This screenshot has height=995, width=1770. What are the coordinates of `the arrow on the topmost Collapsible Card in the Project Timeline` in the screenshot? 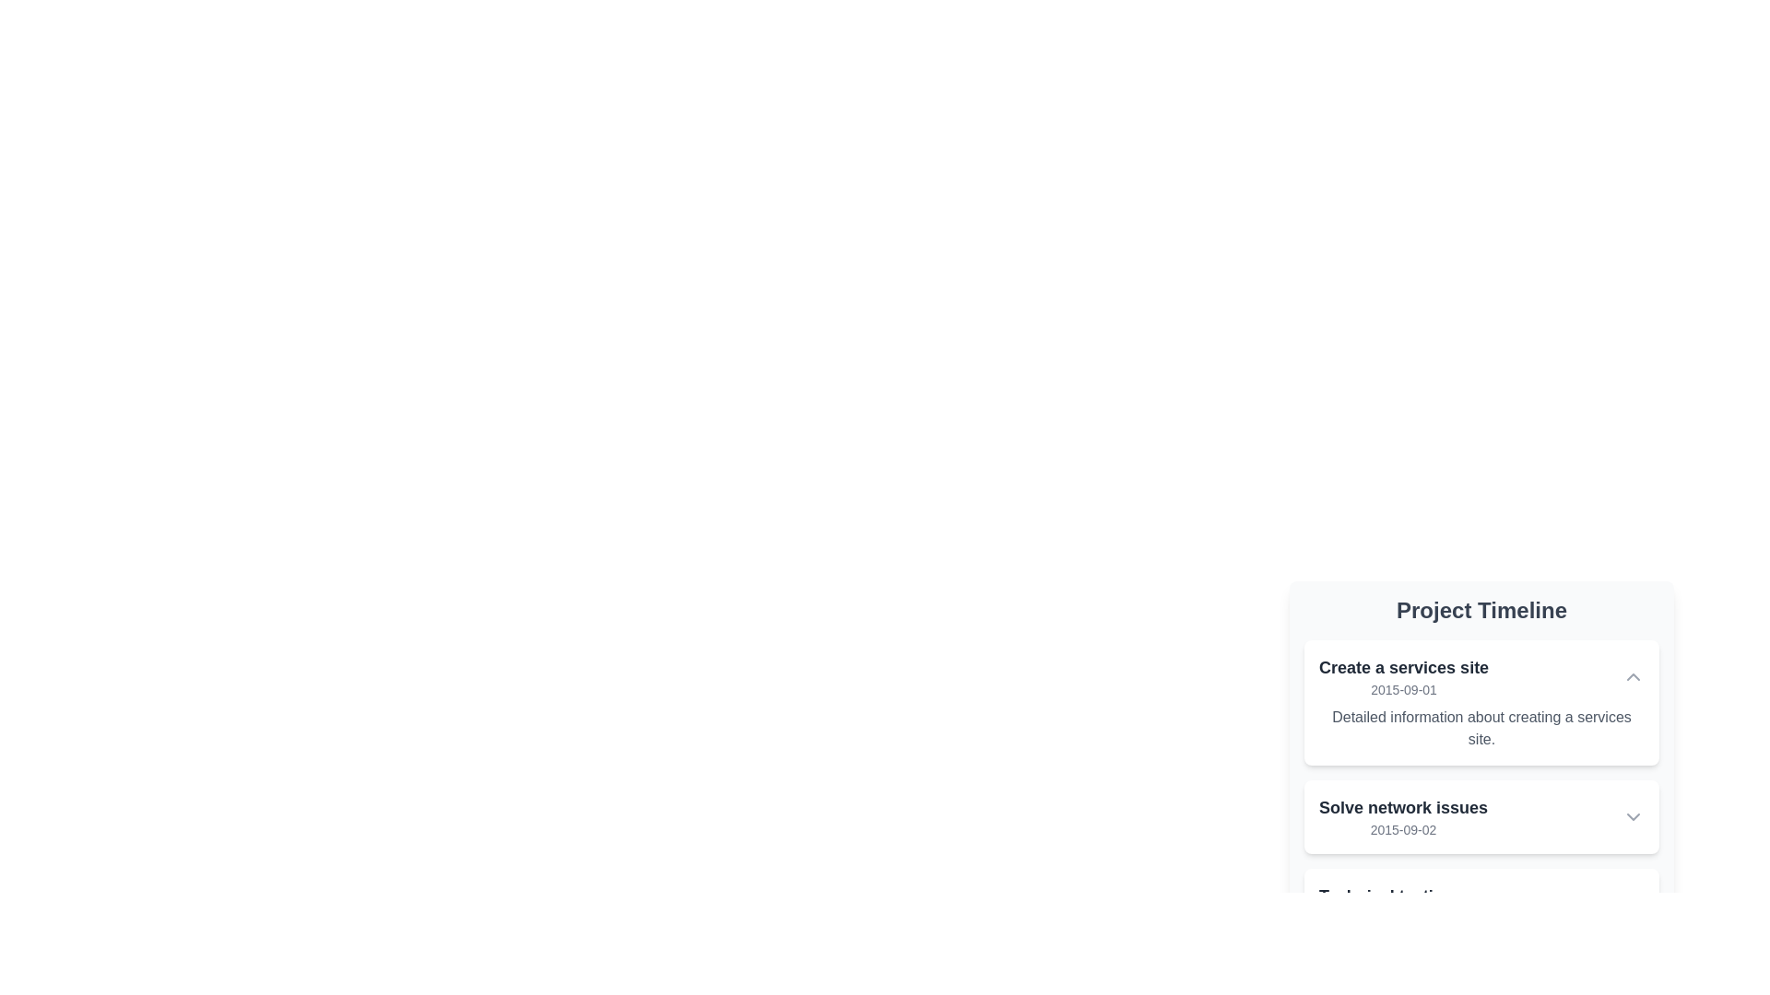 It's located at (1481, 703).